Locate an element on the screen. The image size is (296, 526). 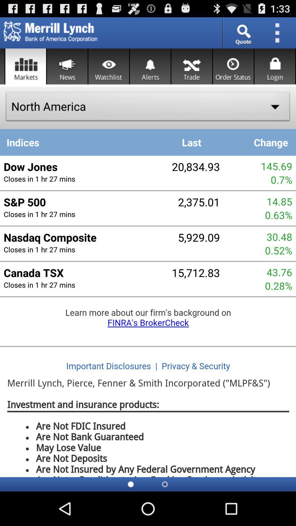
to go trade is located at coordinates (191, 66).